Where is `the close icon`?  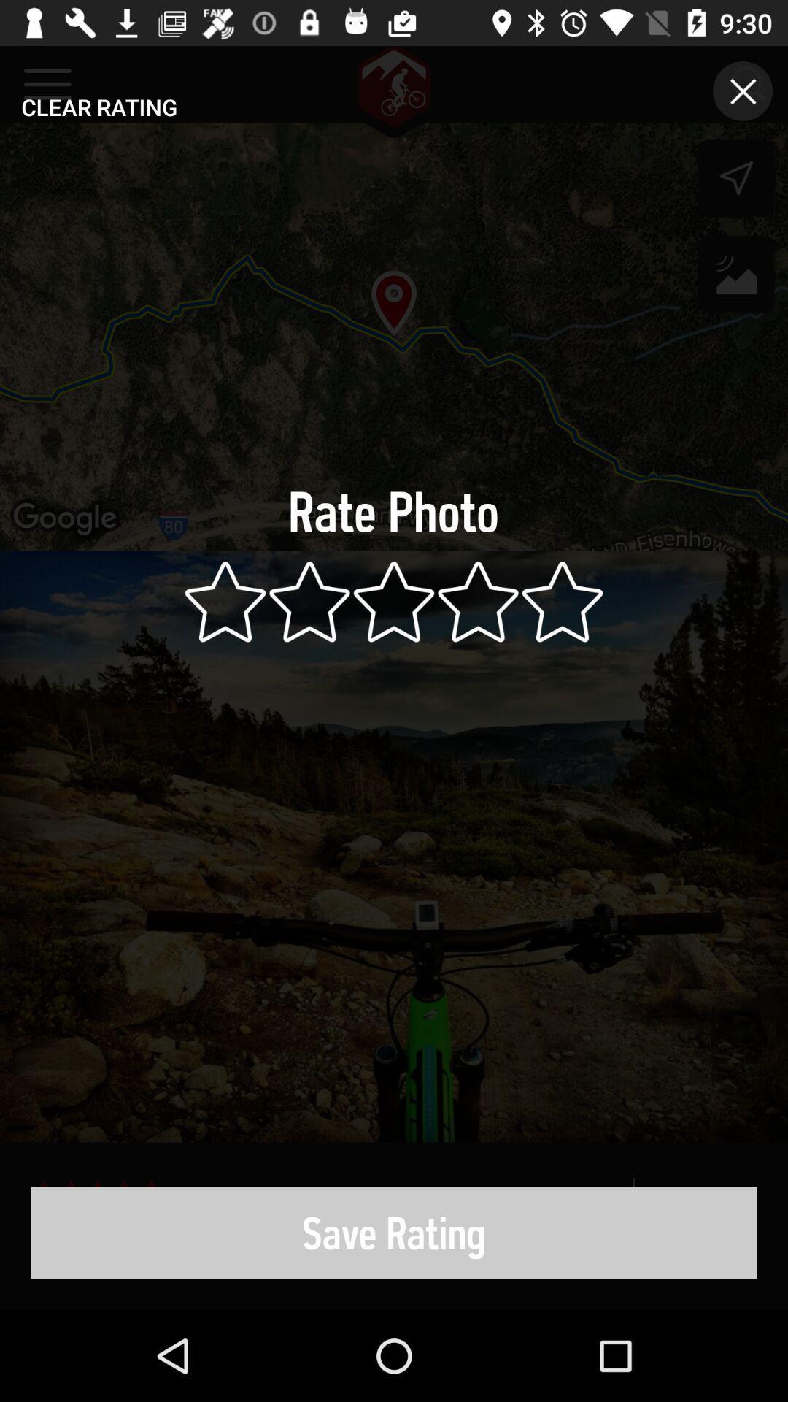
the close icon is located at coordinates (743, 90).